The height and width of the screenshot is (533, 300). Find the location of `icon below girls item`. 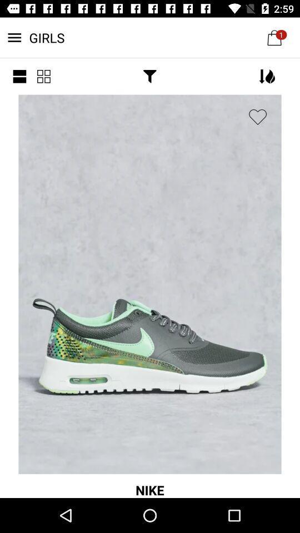

icon below girls item is located at coordinates (149, 76).